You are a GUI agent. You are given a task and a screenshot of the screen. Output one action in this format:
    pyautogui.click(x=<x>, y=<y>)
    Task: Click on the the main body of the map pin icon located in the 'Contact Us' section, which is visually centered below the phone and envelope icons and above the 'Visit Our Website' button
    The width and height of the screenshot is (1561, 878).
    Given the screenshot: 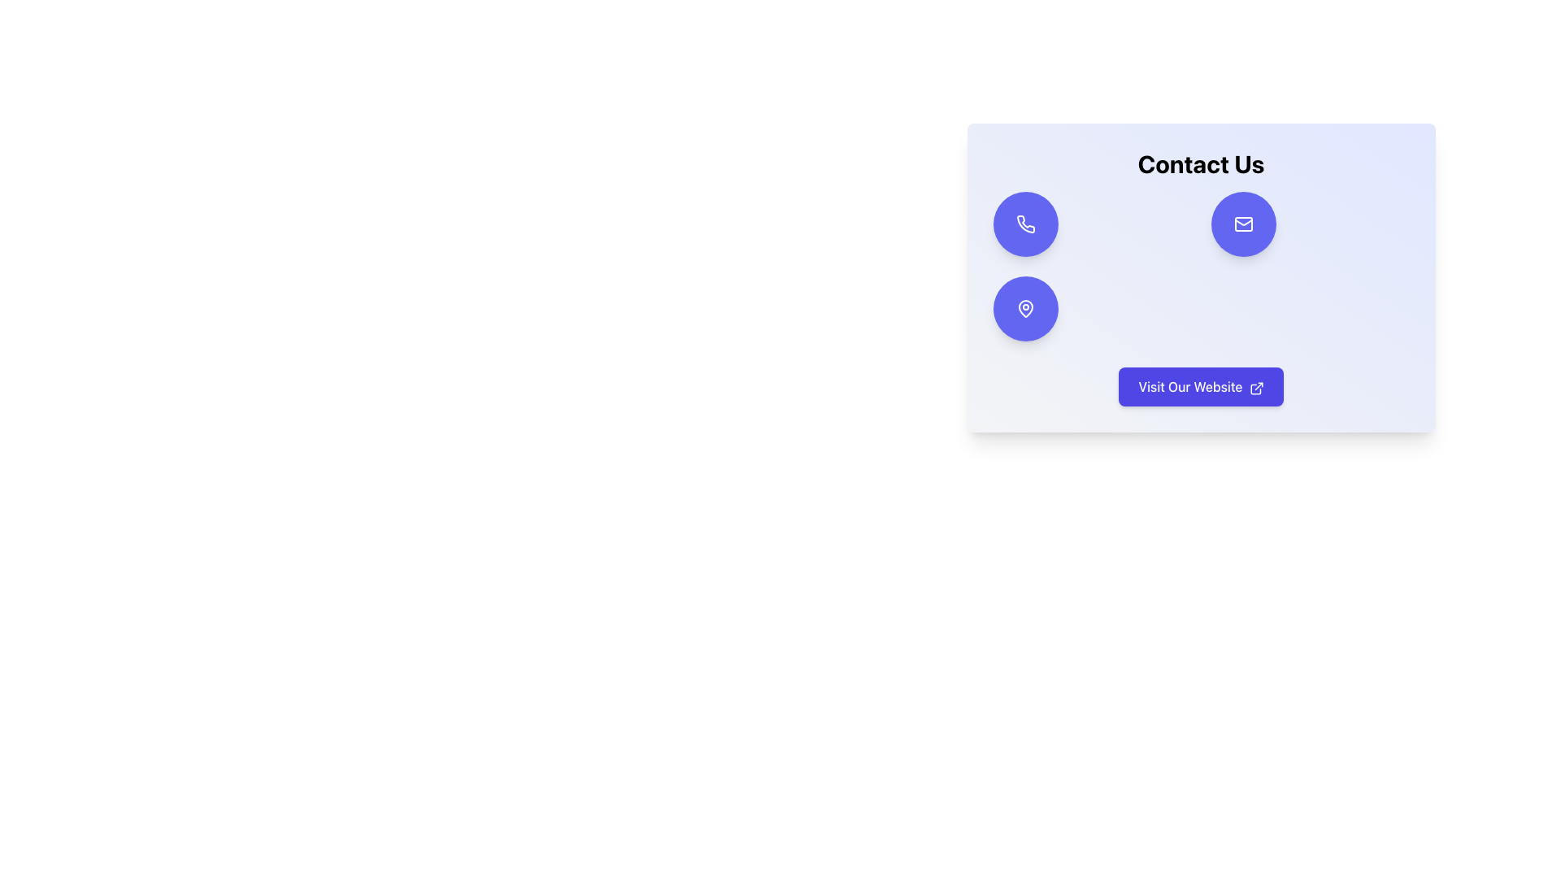 What is the action you would take?
    pyautogui.click(x=1024, y=309)
    